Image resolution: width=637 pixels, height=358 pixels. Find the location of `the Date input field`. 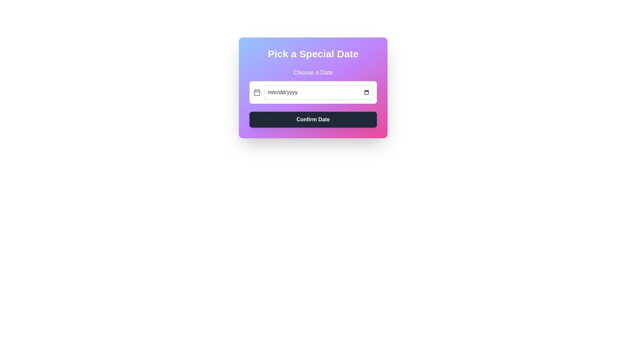

the Date input field is located at coordinates (318, 92).